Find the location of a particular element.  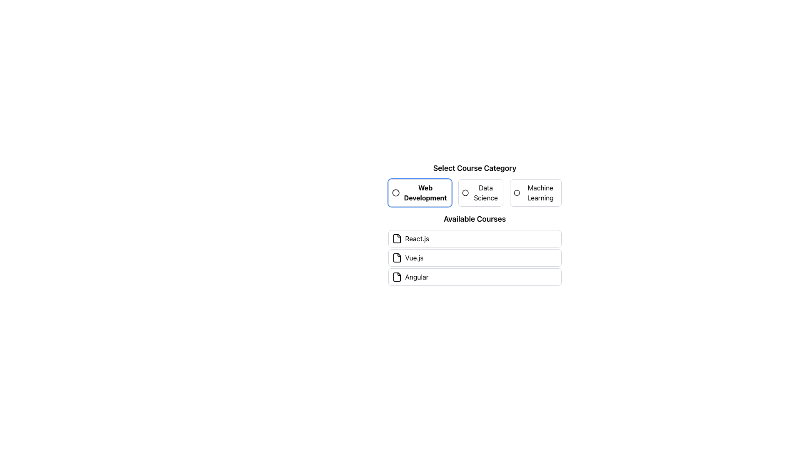

the third selectable course option in the list titled 'Available Courses' is located at coordinates (475, 277).